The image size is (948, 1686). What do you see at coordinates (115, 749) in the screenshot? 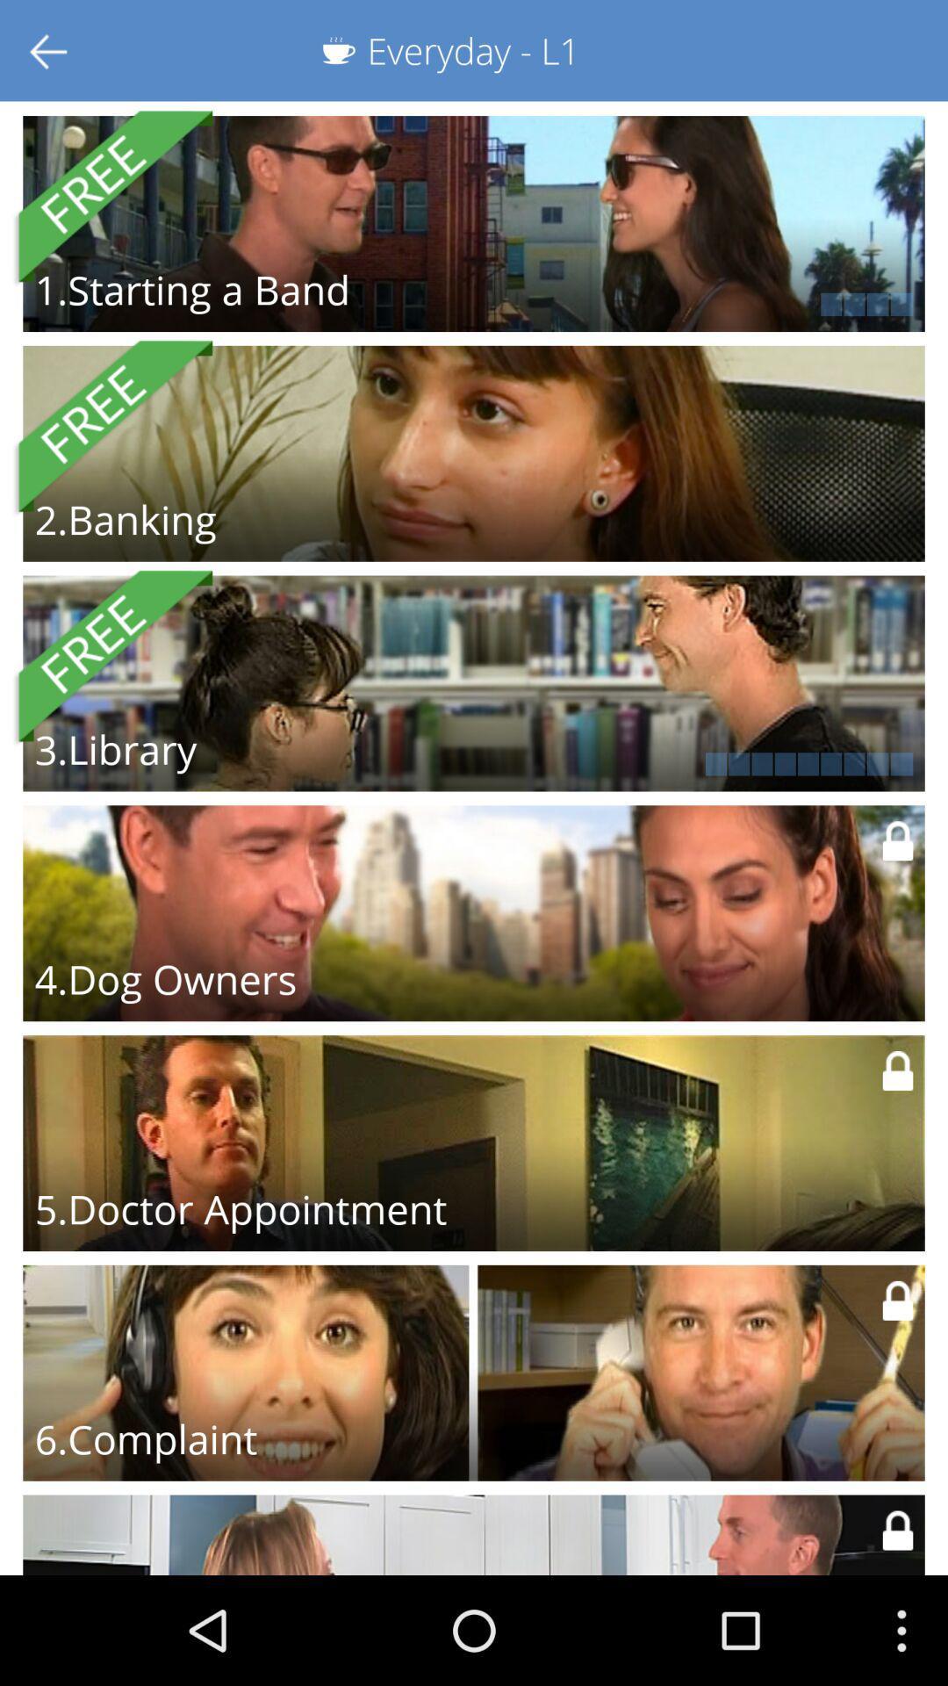
I see `3.library` at bounding box center [115, 749].